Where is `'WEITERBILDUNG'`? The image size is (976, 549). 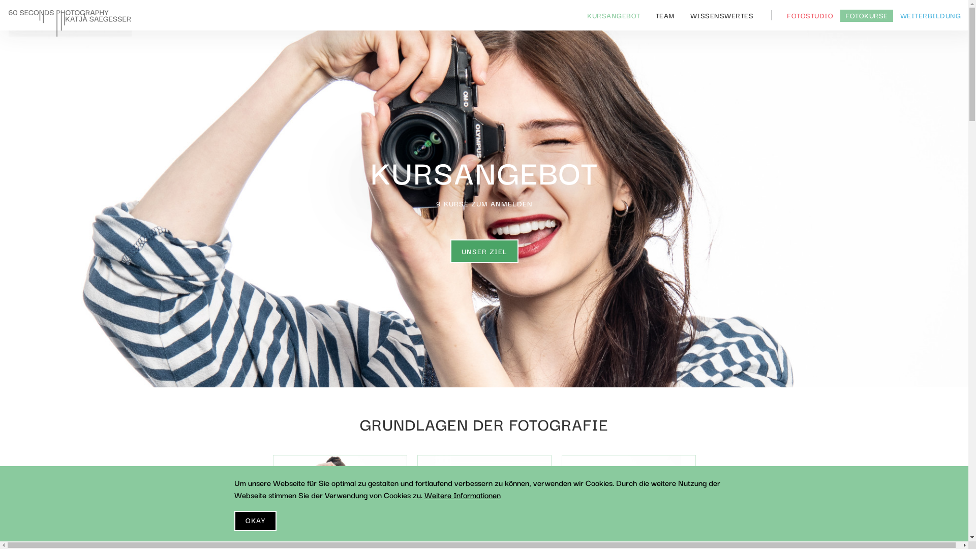 'WEITERBILDUNG' is located at coordinates (895, 15).